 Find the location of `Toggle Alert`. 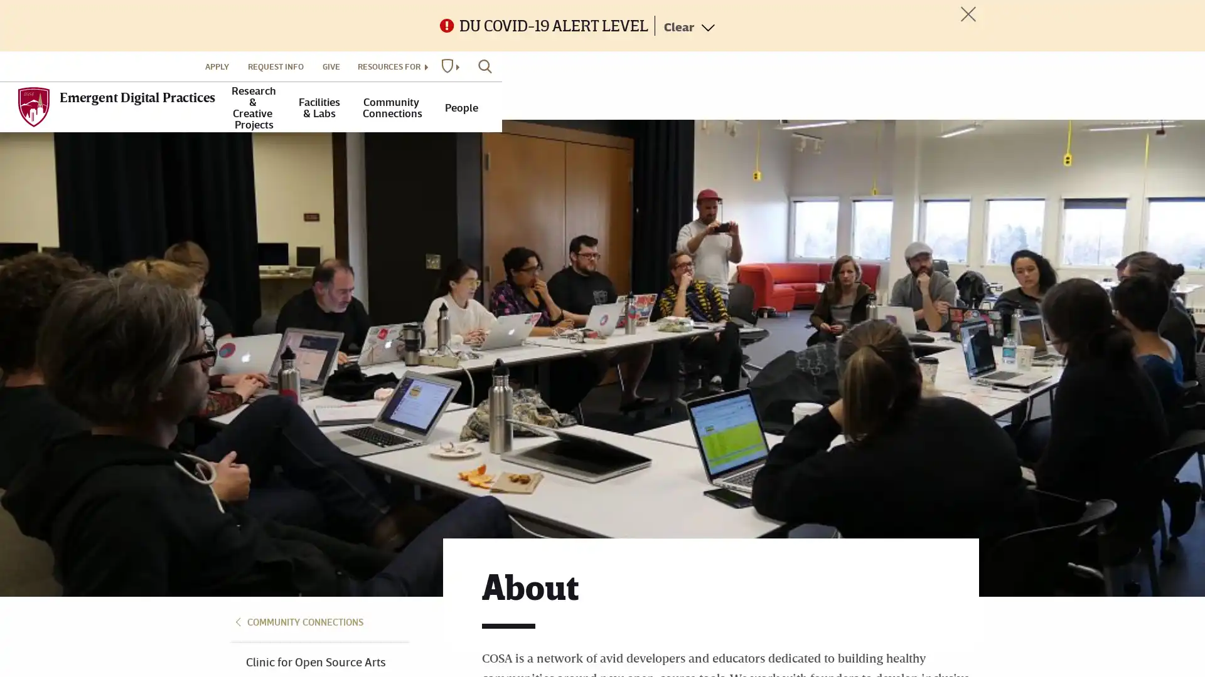

Toggle Alert is located at coordinates (967, 14).